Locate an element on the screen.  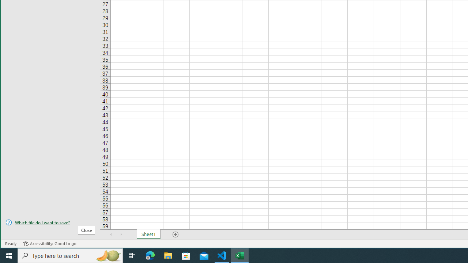
'Which file do I want to save?' is located at coordinates (50, 222).